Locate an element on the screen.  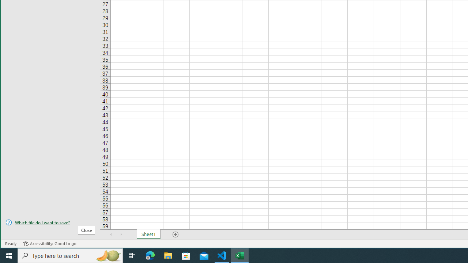
'Which file do I want to save?' is located at coordinates (50, 222).